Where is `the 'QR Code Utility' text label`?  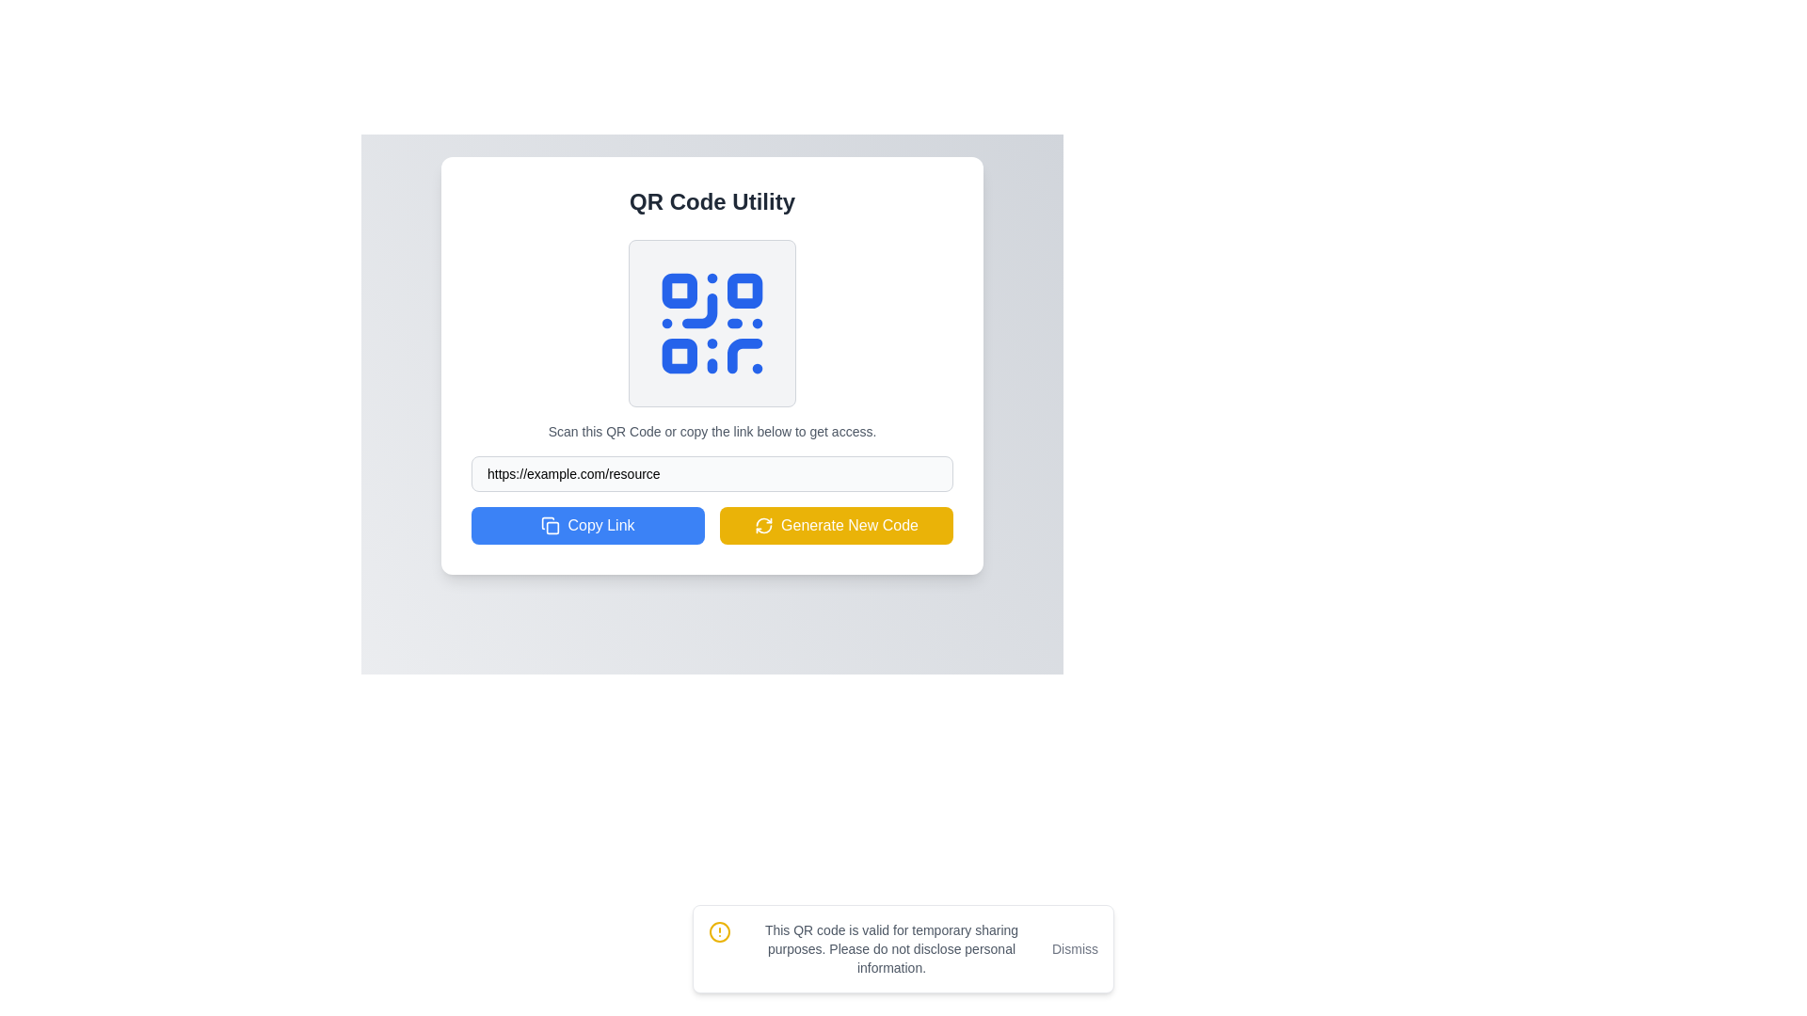
the 'QR Code Utility' text label is located at coordinates (712, 202).